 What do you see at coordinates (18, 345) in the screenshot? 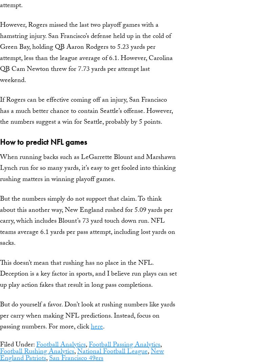
I see `'Filed Under:'` at bounding box center [18, 345].